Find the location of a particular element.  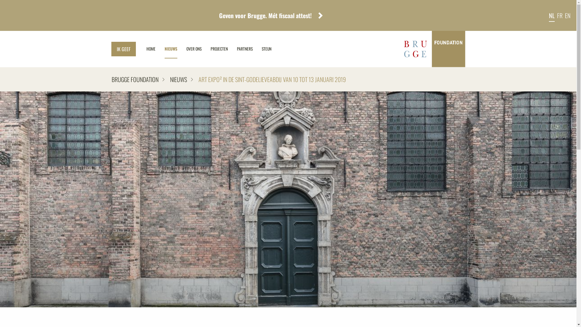

'EN' is located at coordinates (567, 15).